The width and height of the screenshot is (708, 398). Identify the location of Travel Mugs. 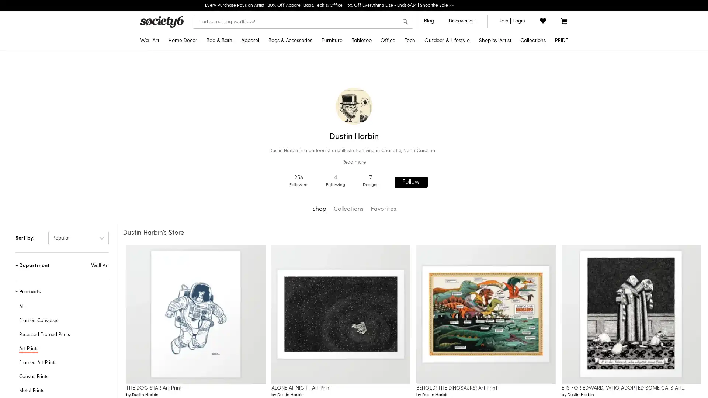
(457, 107).